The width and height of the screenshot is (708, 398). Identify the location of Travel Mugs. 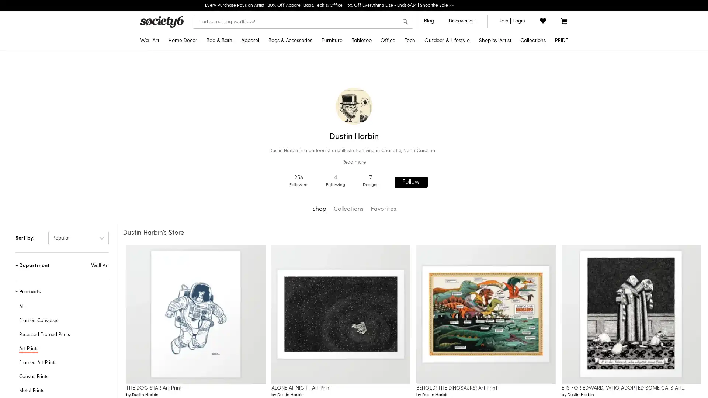
(457, 107).